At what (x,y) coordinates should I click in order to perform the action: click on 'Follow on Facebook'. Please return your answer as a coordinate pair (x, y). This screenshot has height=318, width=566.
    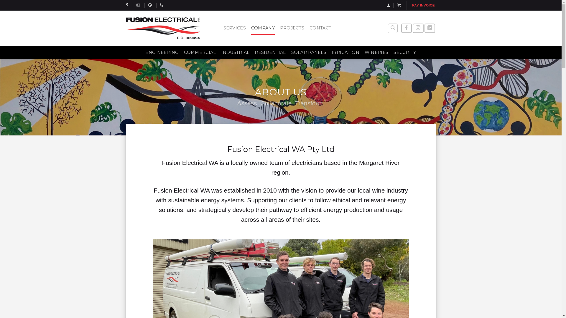
    Looking at the image, I should click on (401, 28).